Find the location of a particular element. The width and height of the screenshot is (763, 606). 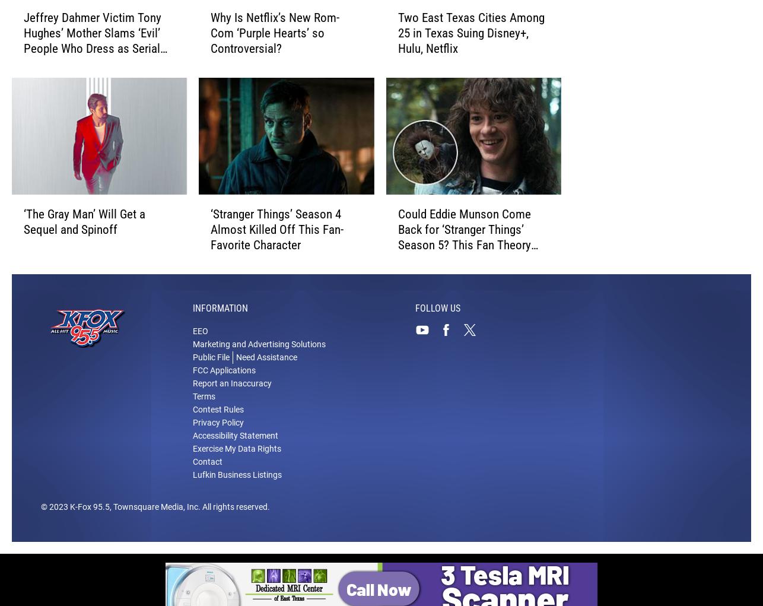

'EEO' is located at coordinates (199, 331).